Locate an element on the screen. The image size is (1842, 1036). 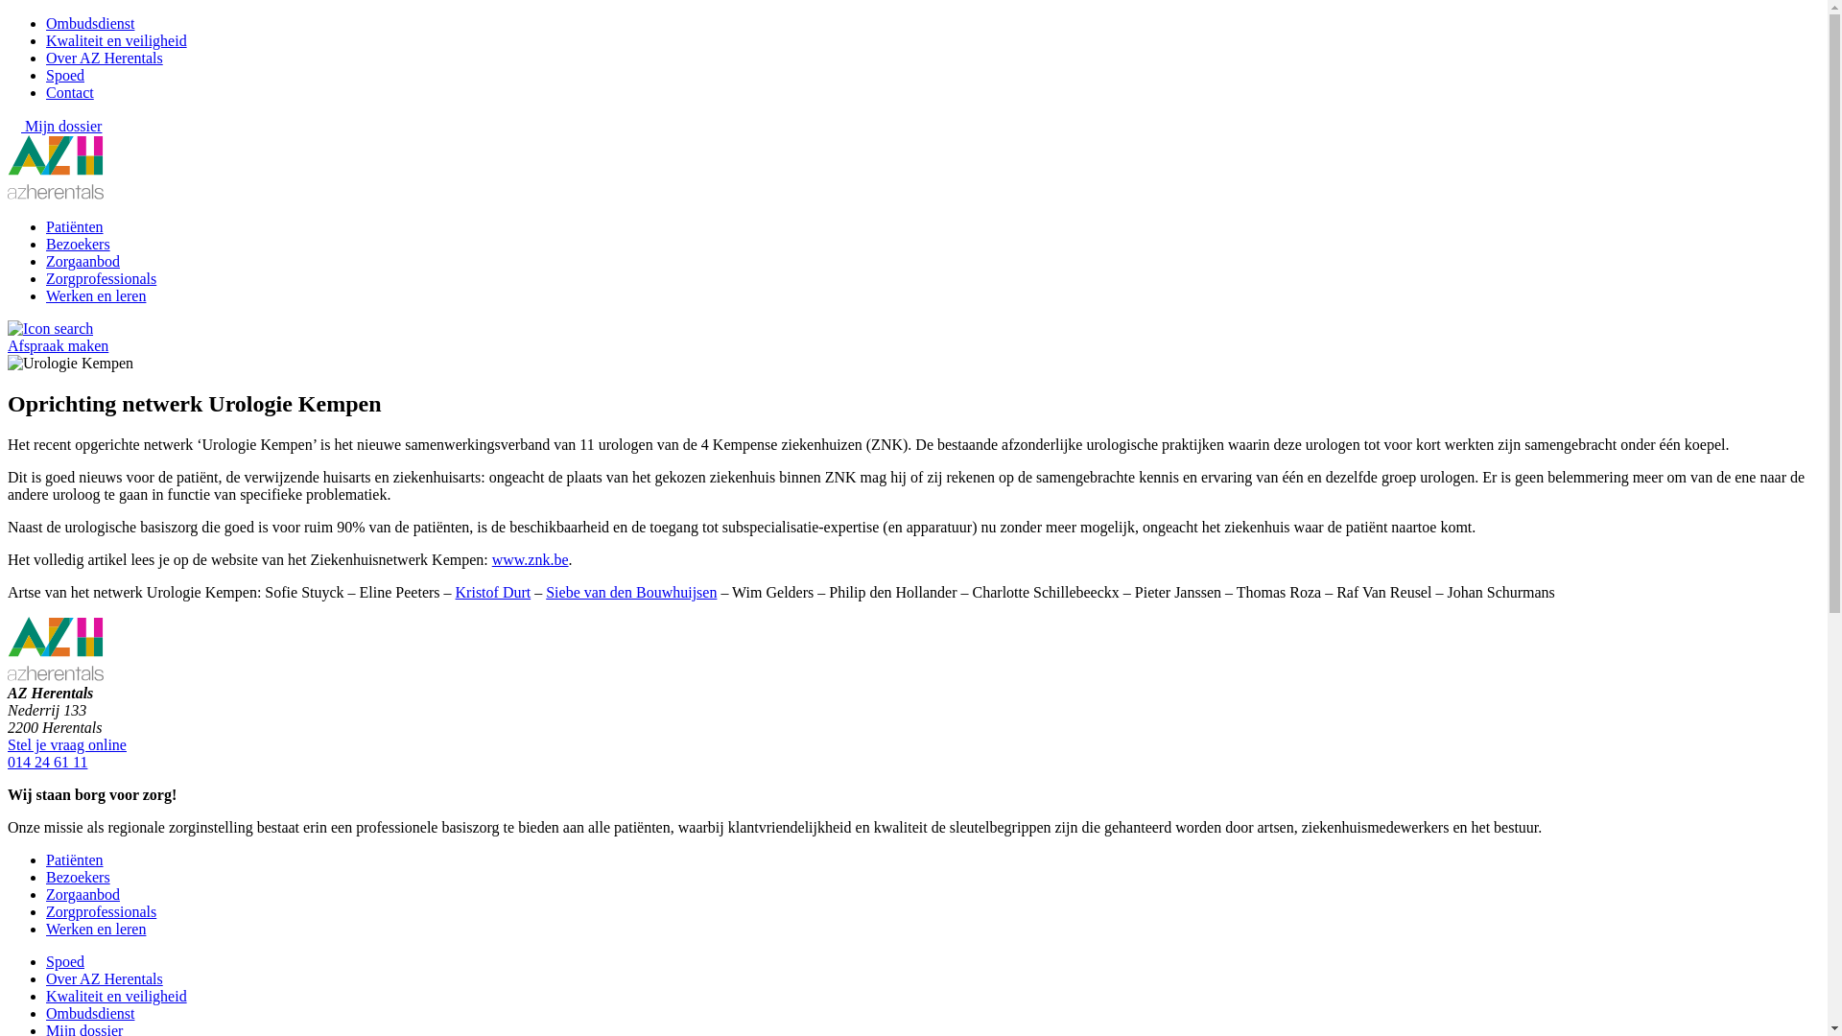
'Spoed' is located at coordinates (64, 961).